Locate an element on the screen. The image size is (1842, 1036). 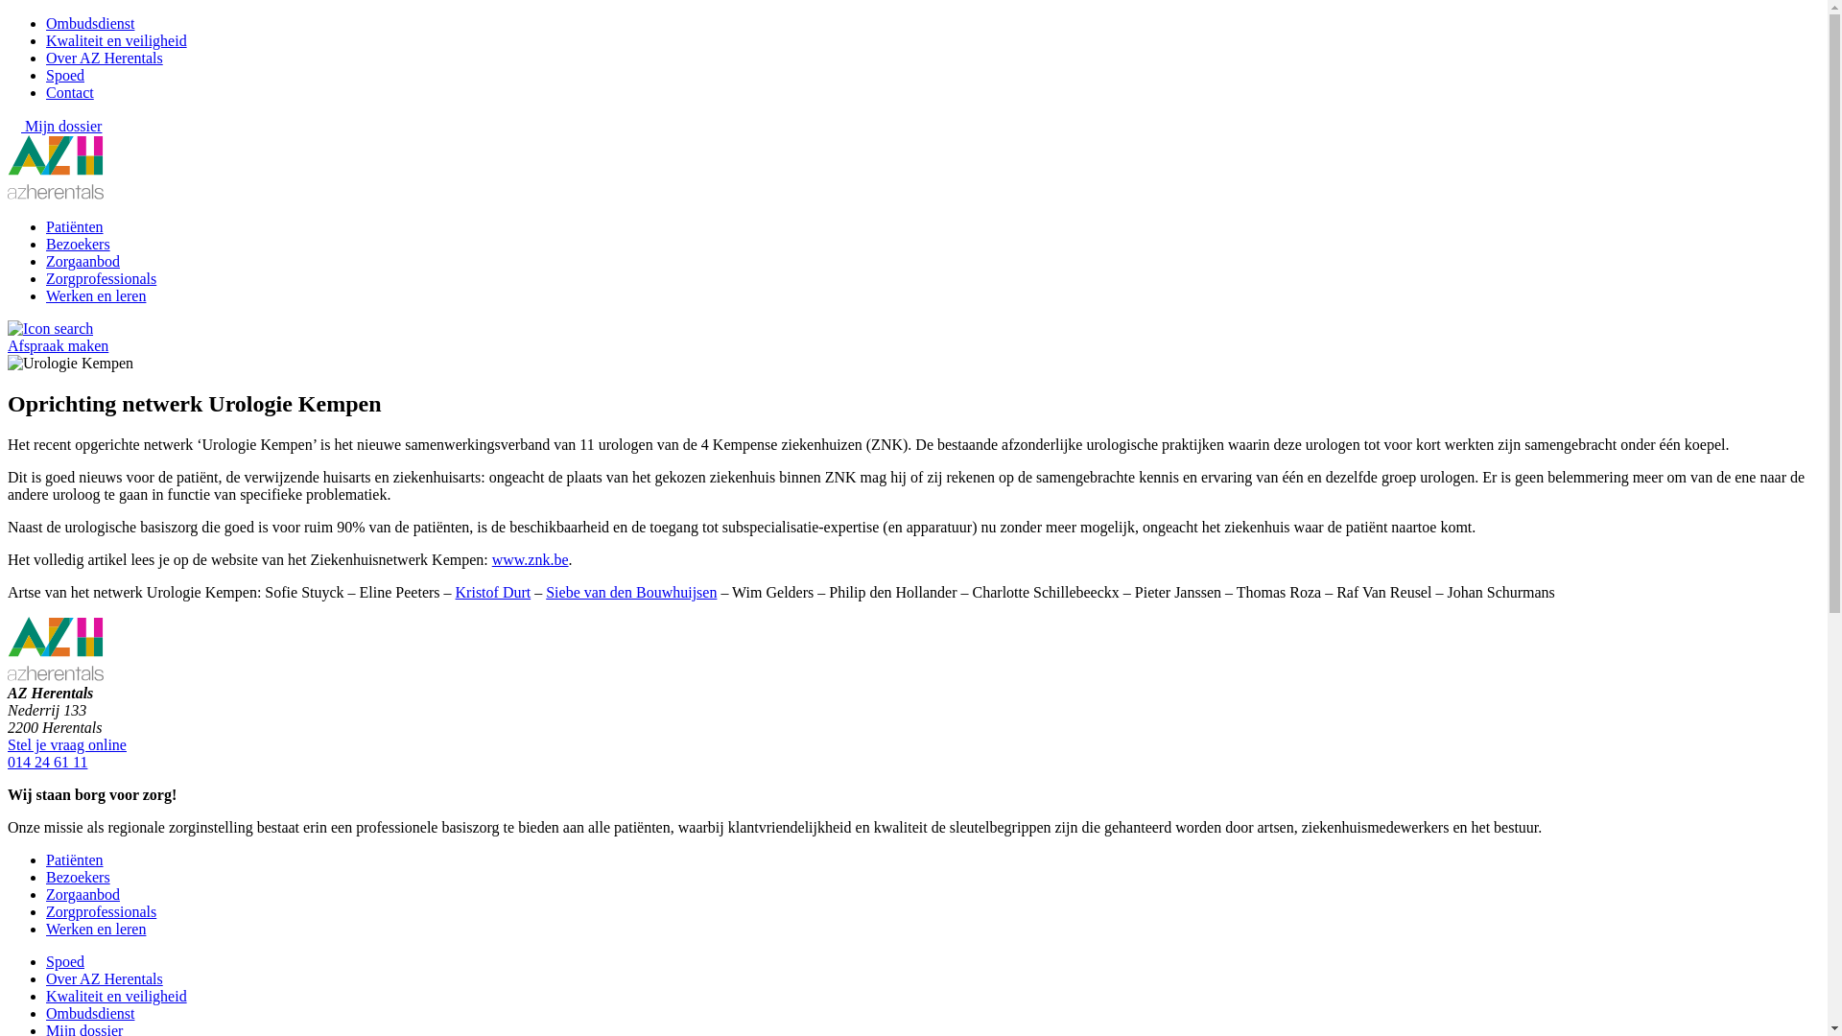
'Spoed' is located at coordinates (64, 961).